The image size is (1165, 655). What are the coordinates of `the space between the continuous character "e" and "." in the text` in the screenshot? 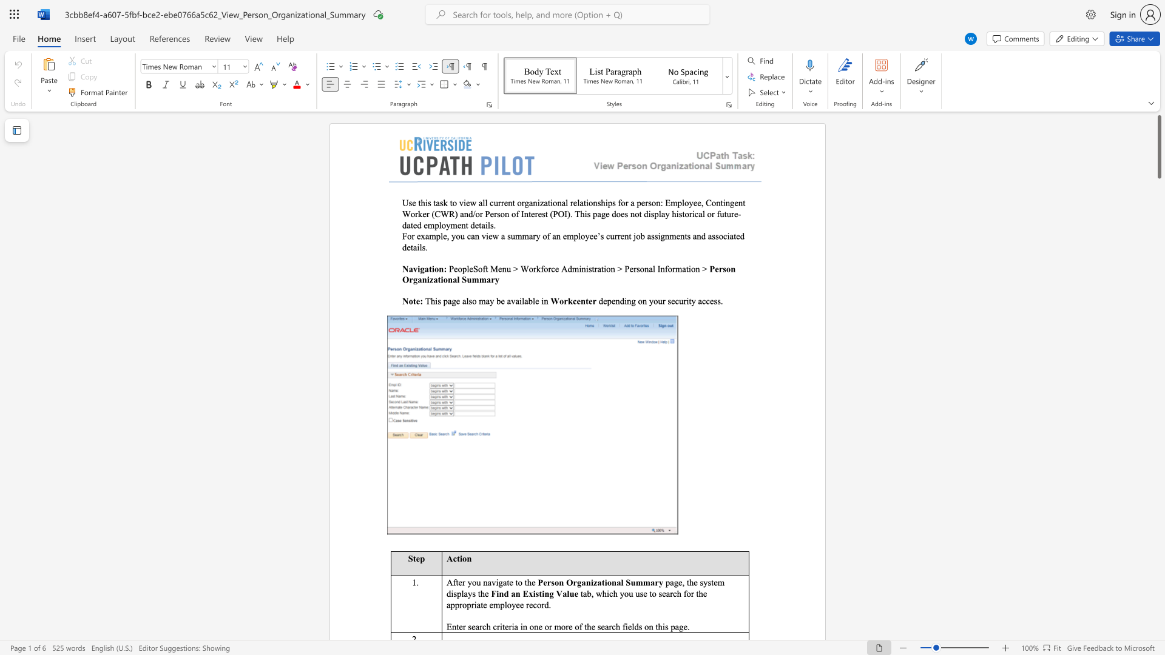 It's located at (687, 626).